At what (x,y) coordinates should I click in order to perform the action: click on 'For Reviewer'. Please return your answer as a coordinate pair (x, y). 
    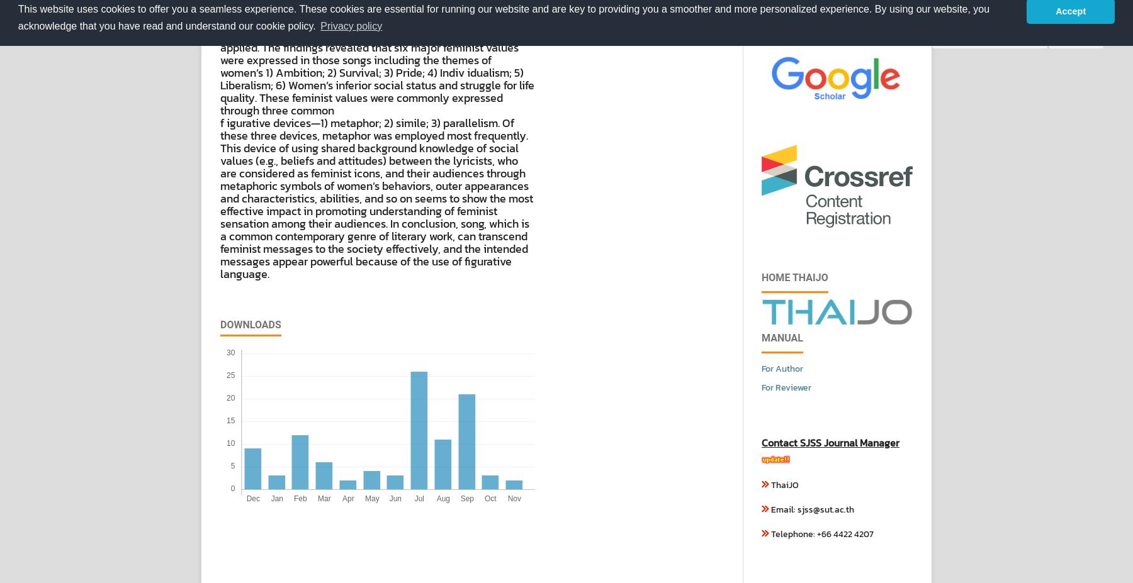
    Looking at the image, I should click on (786, 387).